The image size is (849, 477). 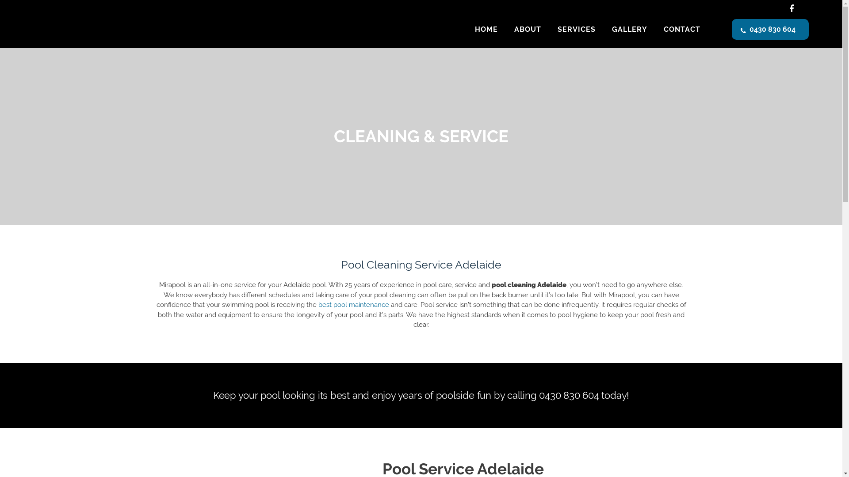 What do you see at coordinates (604, 29) in the screenshot?
I see `'GALLERY'` at bounding box center [604, 29].